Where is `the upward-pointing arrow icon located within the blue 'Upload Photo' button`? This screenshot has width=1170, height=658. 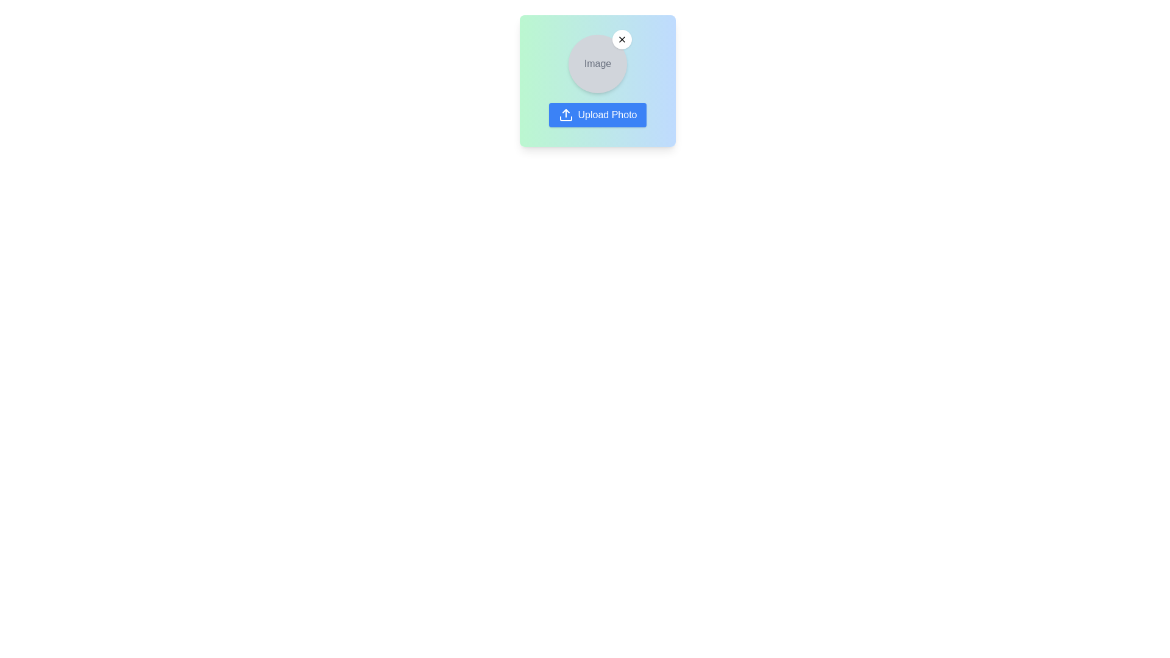 the upward-pointing arrow icon located within the blue 'Upload Photo' button is located at coordinates (565, 115).